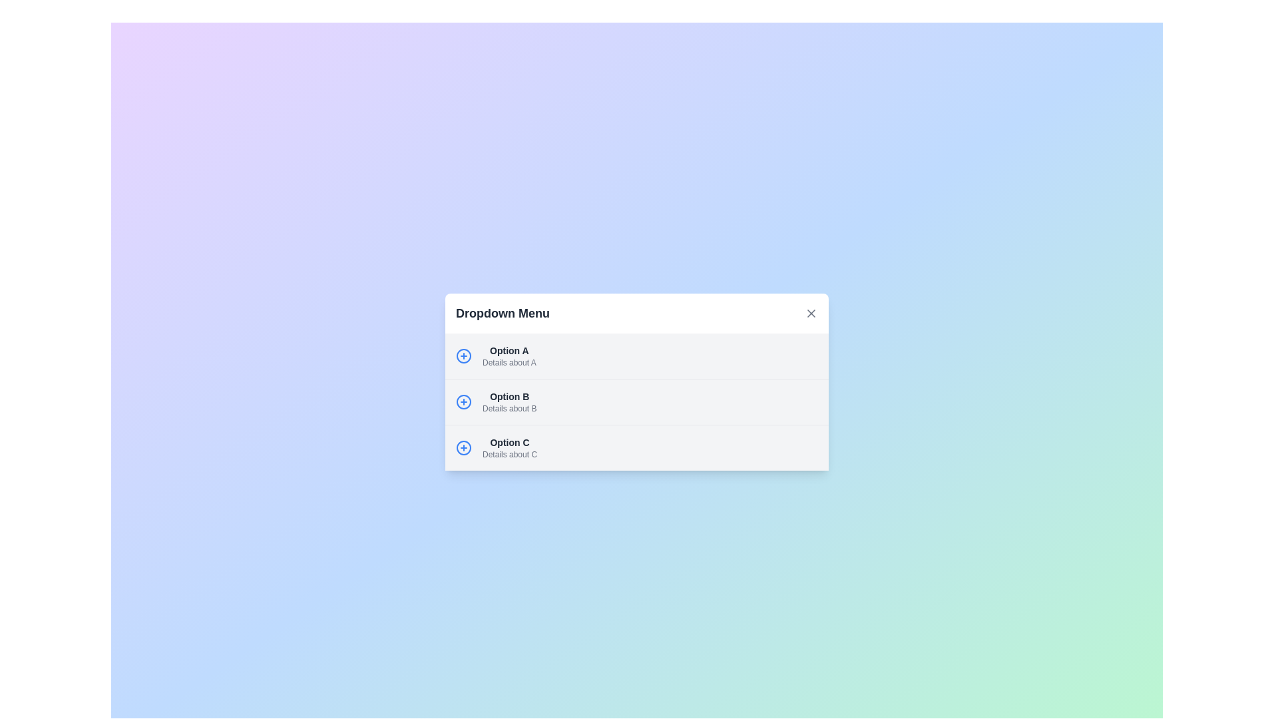 This screenshot has width=1278, height=719. What do you see at coordinates (509, 401) in the screenshot?
I see `the second item in the dropdown menu located below 'Option A' and above 'Option C'` at bounding box center [509, 401].